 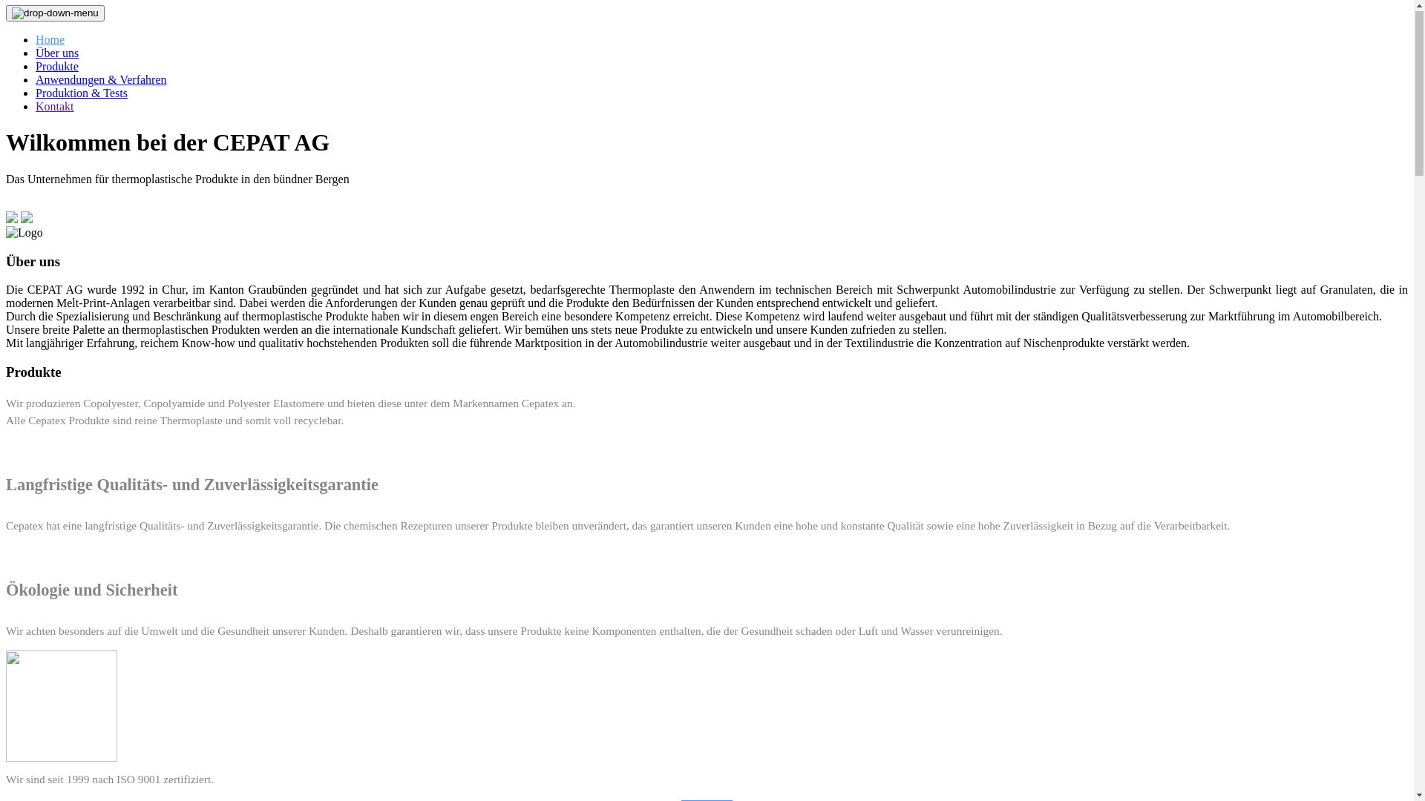 I want to click on 'Produkte', so click(x=56, y=67).